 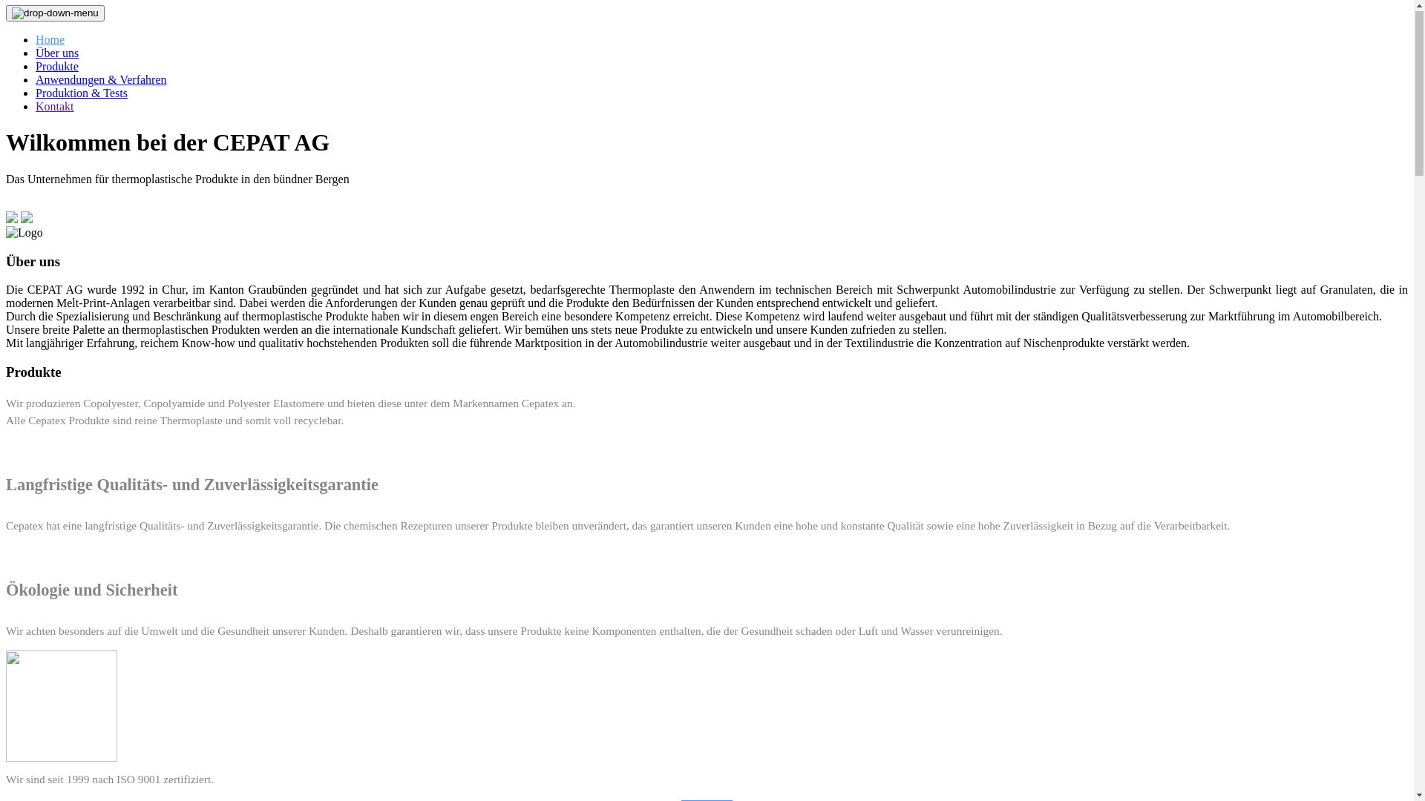 I want to click on 'Produkte', so click(x=56, y=67).